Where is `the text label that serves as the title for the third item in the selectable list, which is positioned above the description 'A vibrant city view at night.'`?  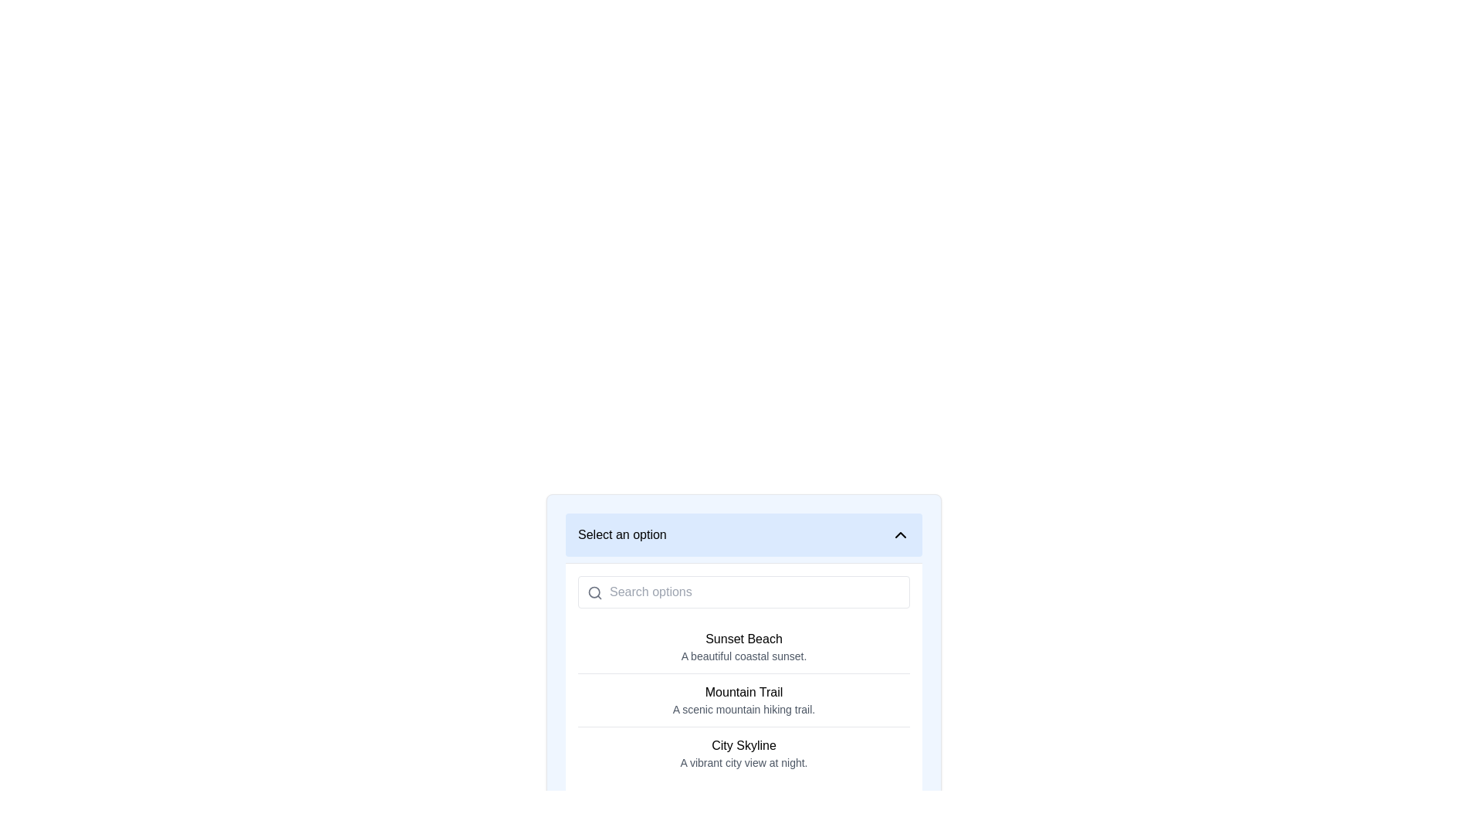
the text label that serves as the title for the third item in the selectable list, which is positioned above the description 'A vibrant city view at night.' is located at coordinates (744, 744).